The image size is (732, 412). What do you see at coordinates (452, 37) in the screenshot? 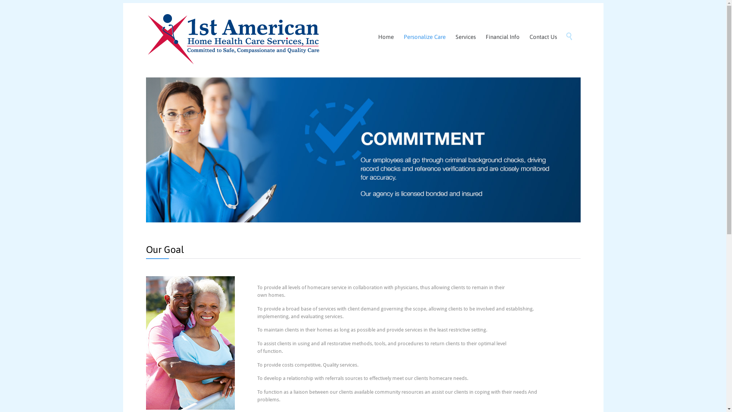
I see `'Services'` at bounding box center [452, 37].